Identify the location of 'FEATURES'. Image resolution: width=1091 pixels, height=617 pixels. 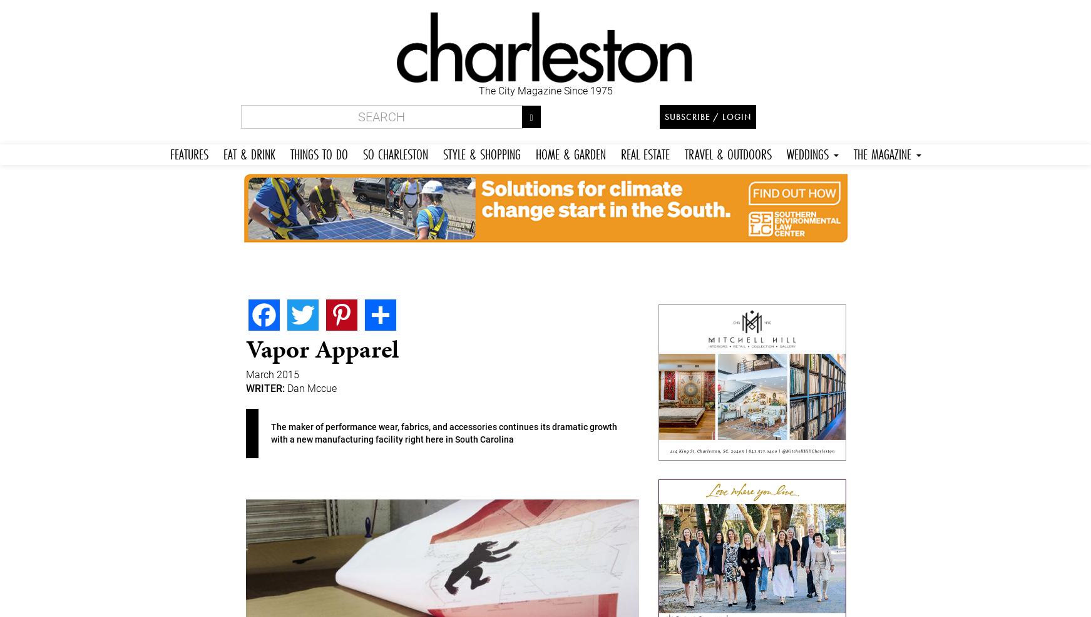
(188, 153).